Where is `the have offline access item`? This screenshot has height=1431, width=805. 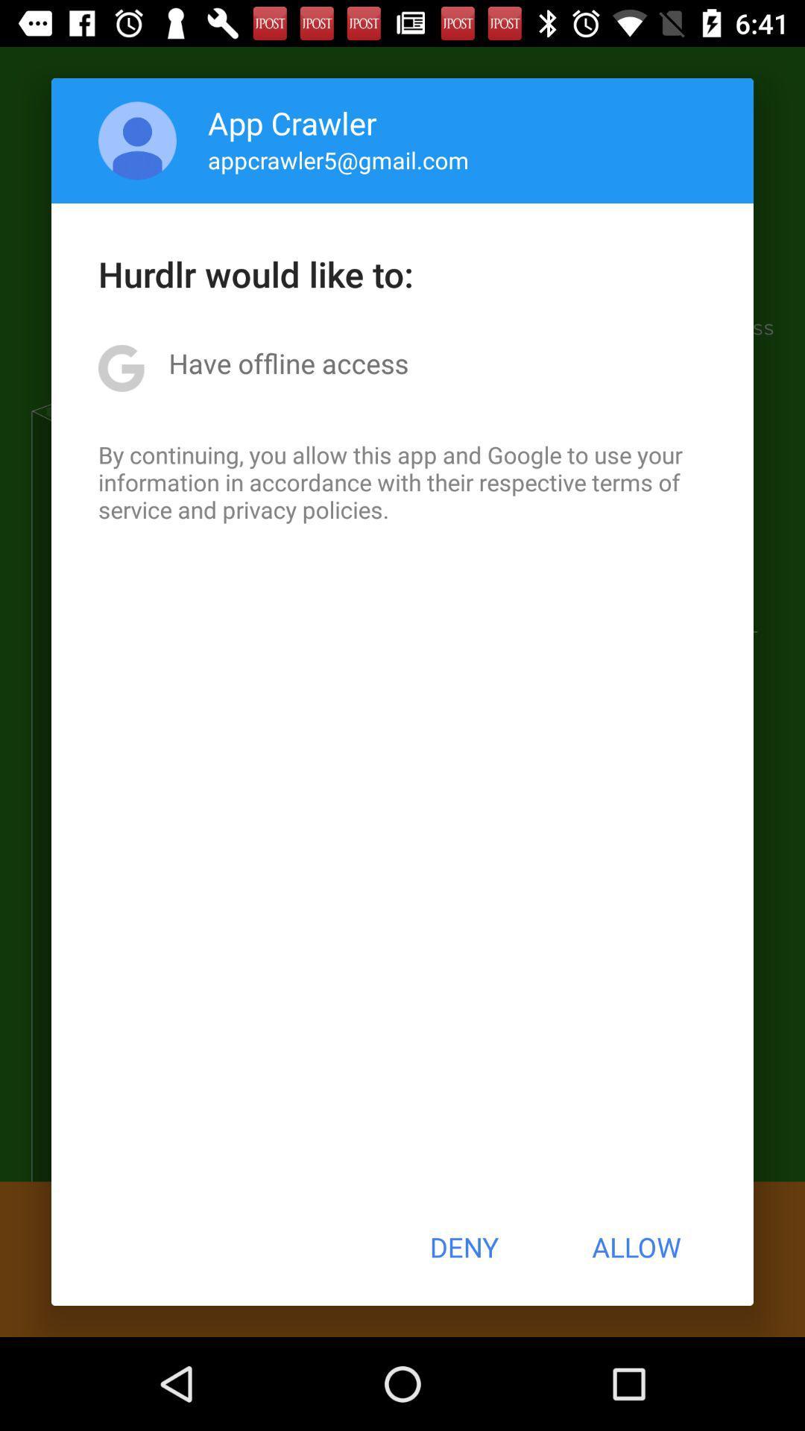 the have offline access item is located at coordinates (288, 363).